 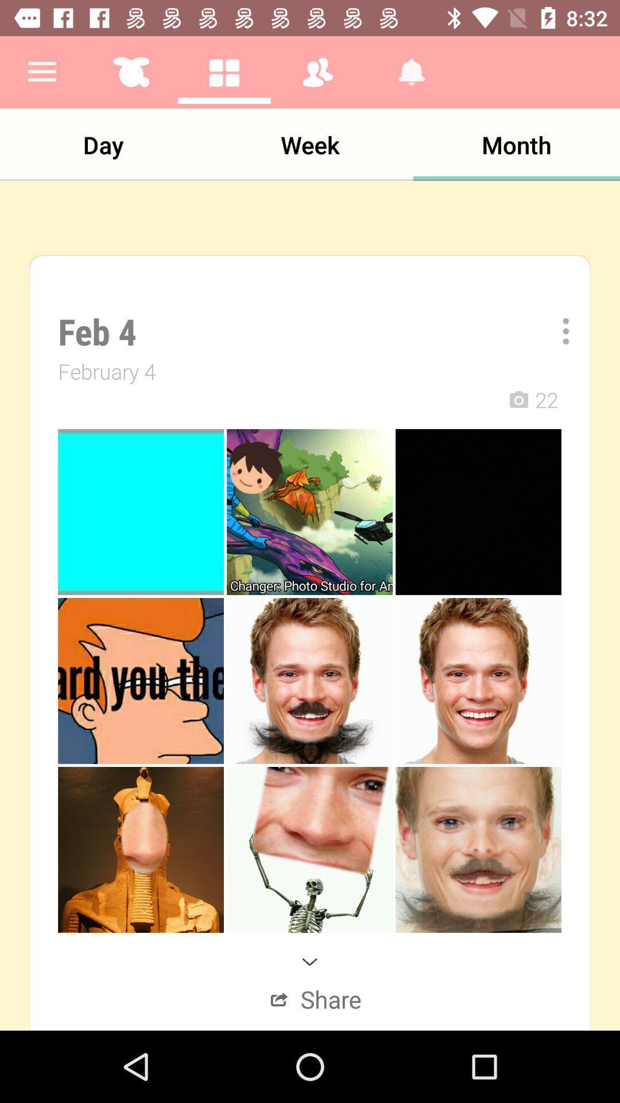 I want to click on the item to the left of week app, so click(x=103, y=144).